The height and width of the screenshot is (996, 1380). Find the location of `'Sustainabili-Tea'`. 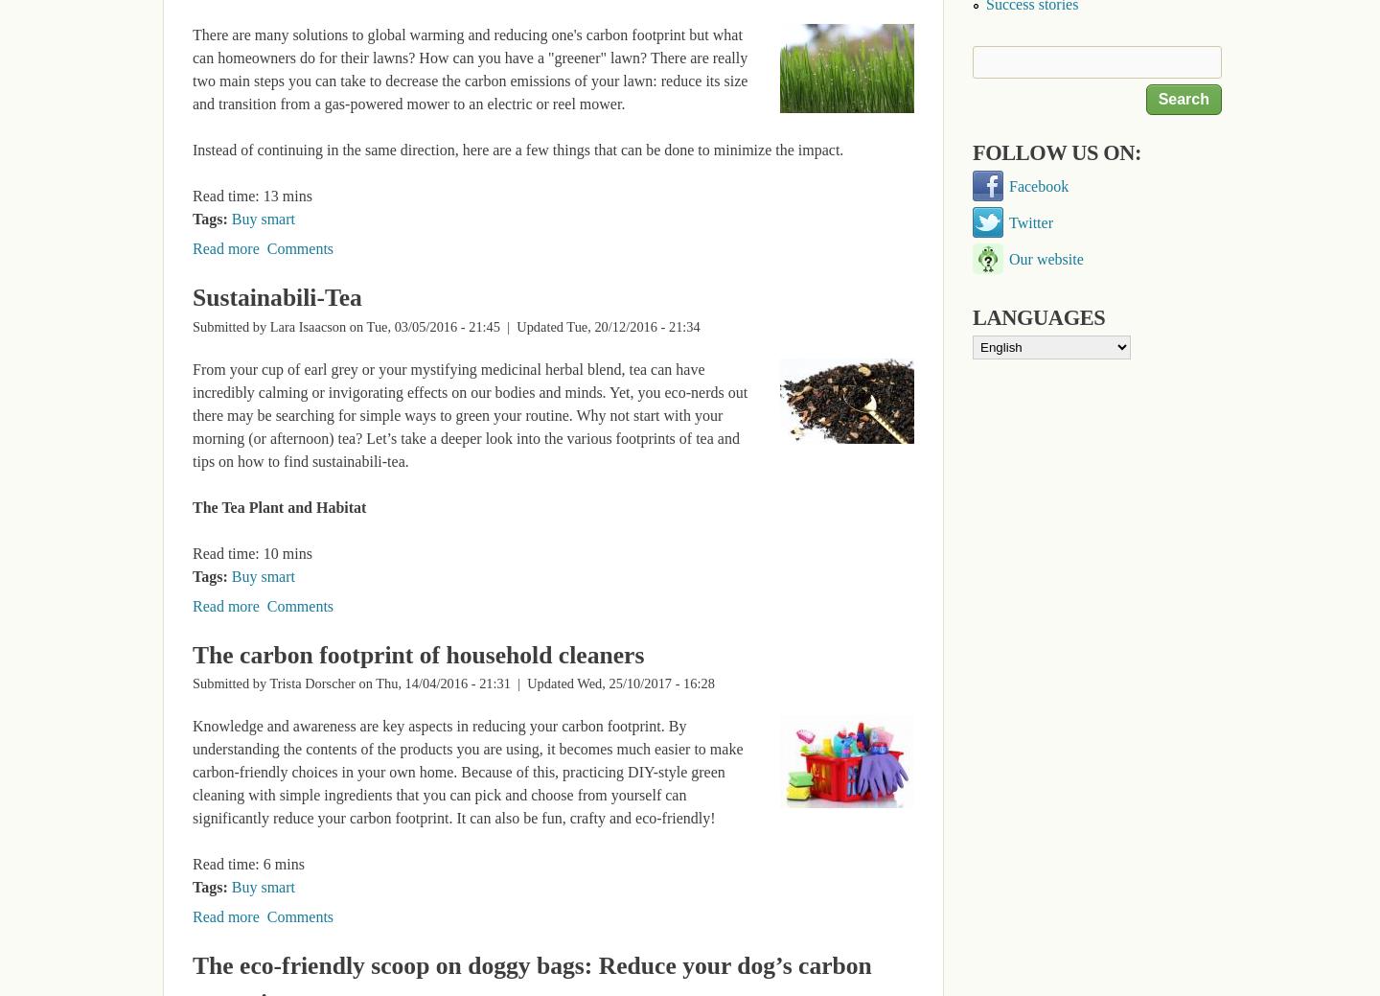

'Sustainabili-Tea' is located at coordinates (276, 297).